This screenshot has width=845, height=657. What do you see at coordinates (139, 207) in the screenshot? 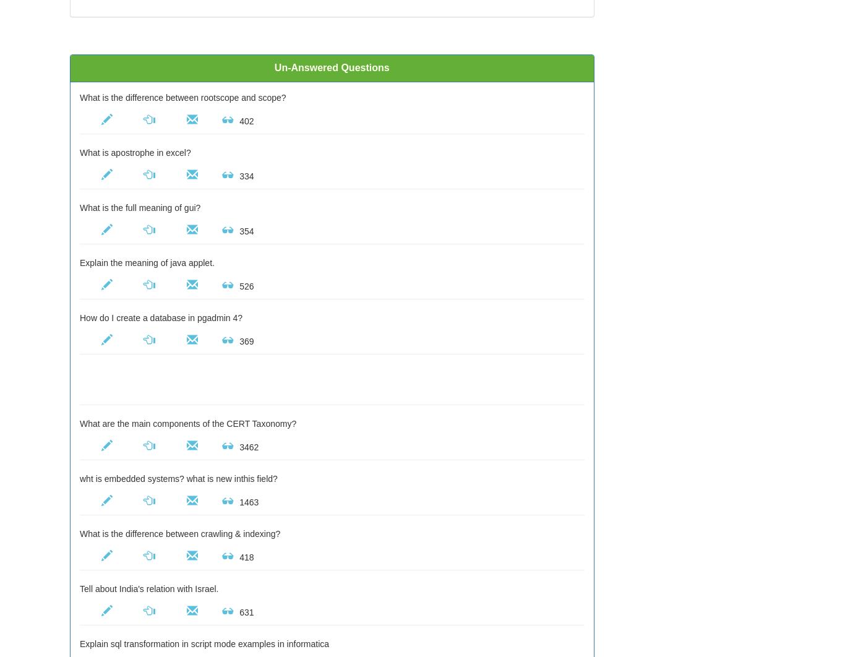
I see `'What is the full meaning of gui?'` at bounding box center [139, 207].